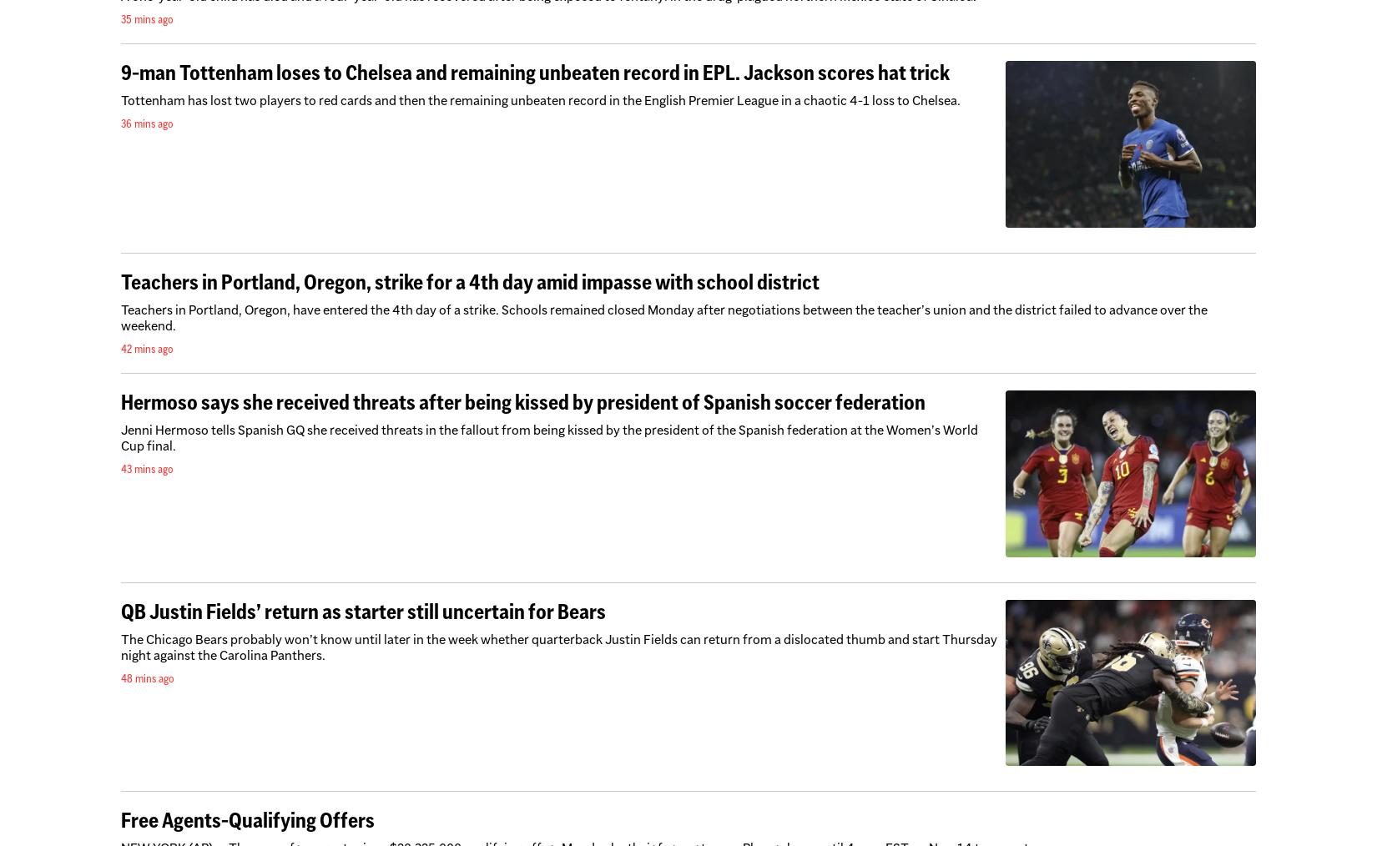  What do you see at coordinates (539, 100) in the screenshot?
I see `'Tottenham has lost two players to red cards and then the remaining unbeaten record in the English Premier League in a chaotic 4-1 loss to Chelsea.'` at bounding box center [539, 100].